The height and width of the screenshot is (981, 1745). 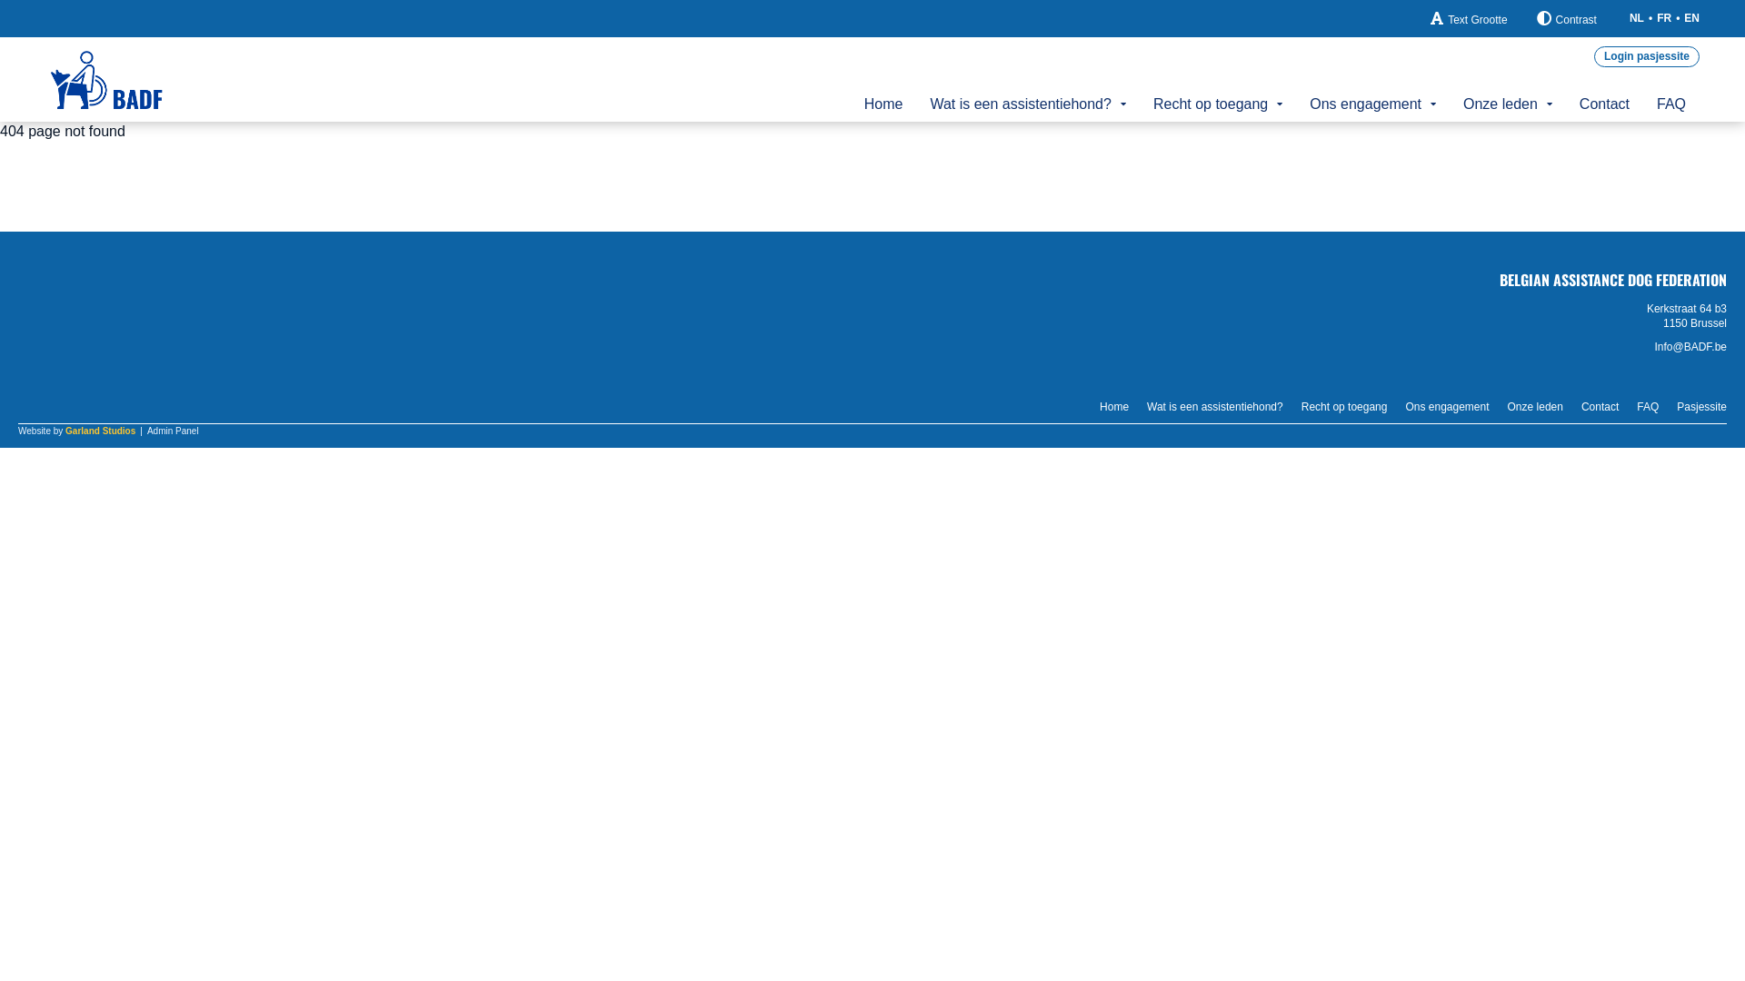 I want to click on 'Contact', so click(x=1600, y=405).